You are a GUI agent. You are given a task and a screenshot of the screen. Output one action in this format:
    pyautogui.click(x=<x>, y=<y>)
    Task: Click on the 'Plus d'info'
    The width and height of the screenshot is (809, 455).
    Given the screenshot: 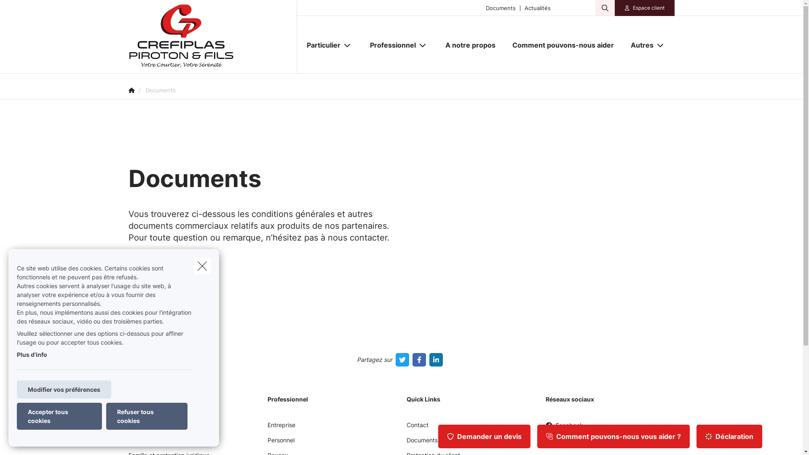 What is the action you would take?
    pyautogui.click(x=32, y=354)
    